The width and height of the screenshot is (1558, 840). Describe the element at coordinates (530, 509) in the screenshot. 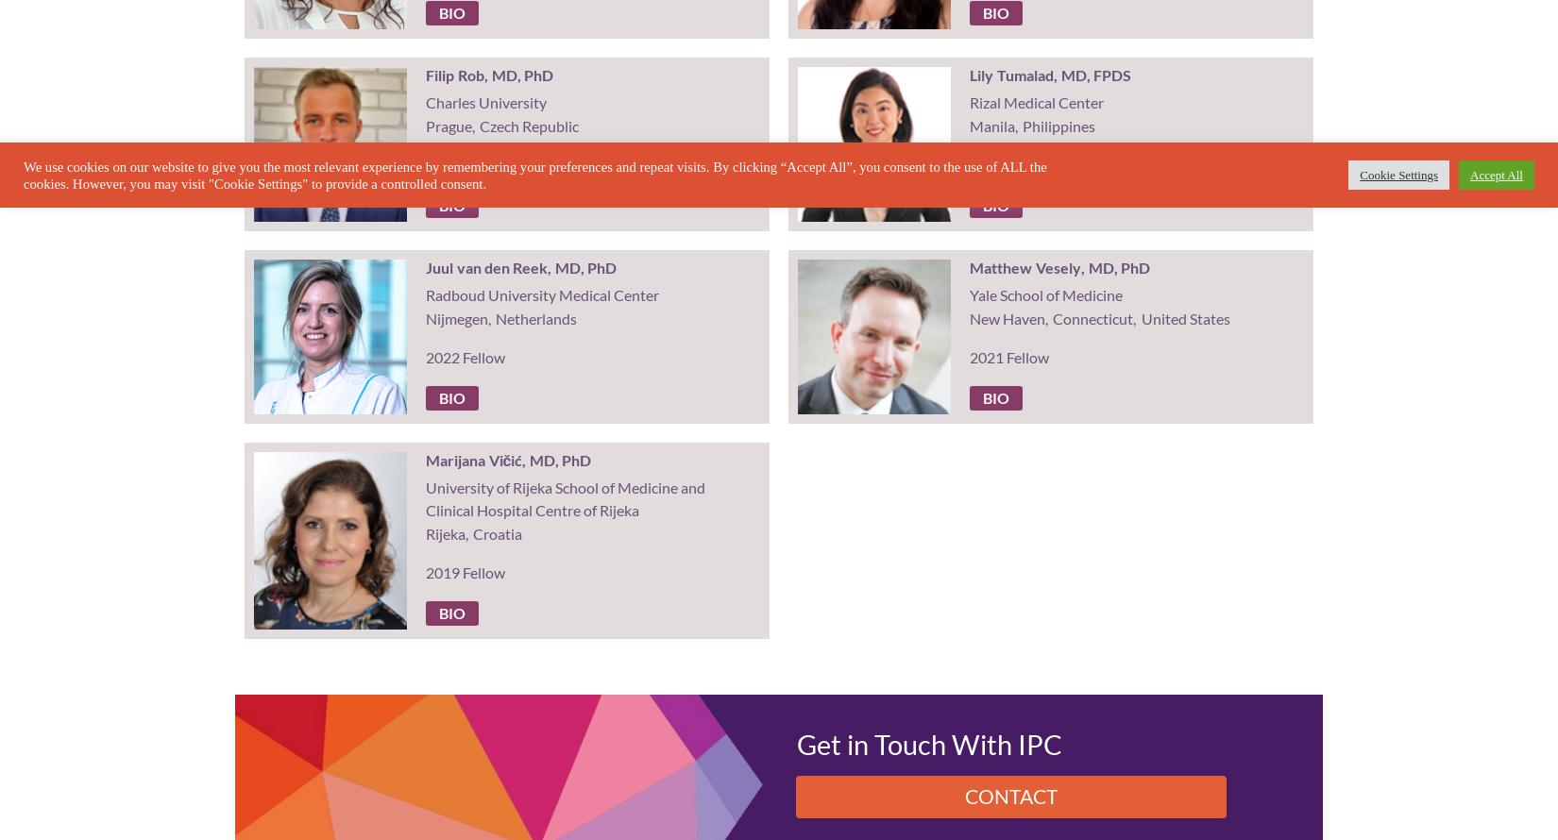

I see `'Clinical Hospital Centre of Rijeka'` at that location.